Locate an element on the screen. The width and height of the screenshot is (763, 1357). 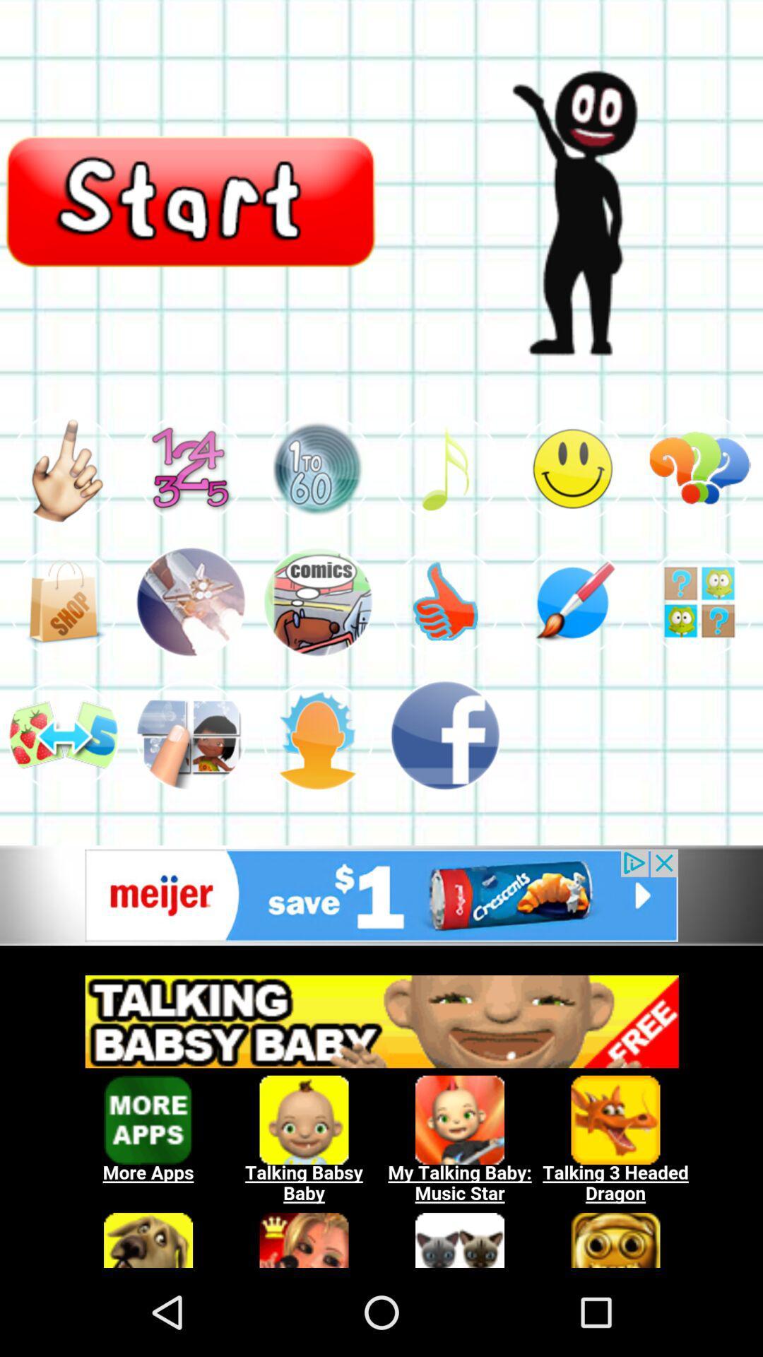
this option is located at coordinates (191, 735).